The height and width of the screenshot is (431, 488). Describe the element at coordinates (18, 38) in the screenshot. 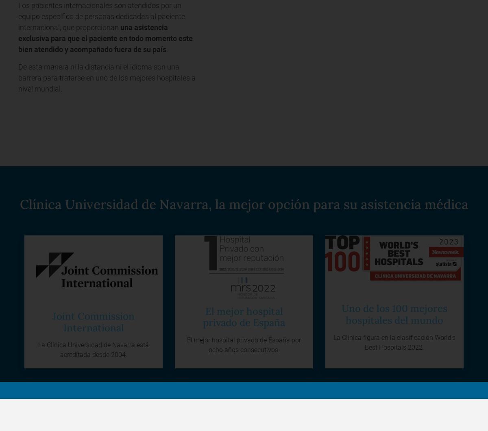

I see `'una asistencia exclusiva para que el paciente en todo momento este bien atendido y acompañado fuera de su país'` at that location.